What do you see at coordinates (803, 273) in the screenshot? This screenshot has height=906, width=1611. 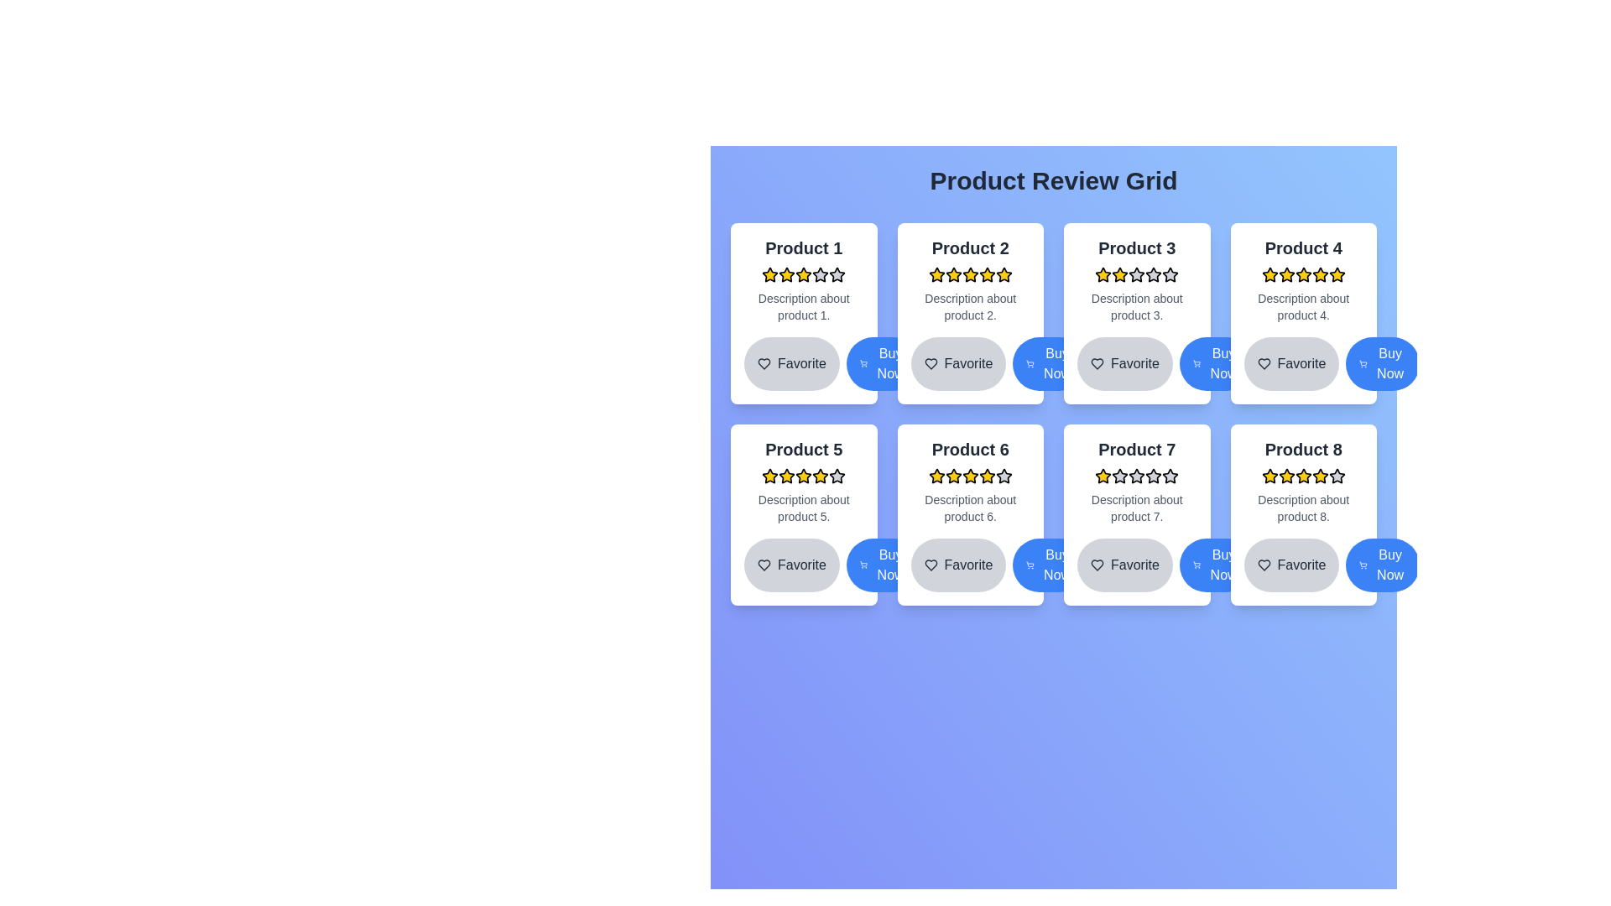 I see `the Rating display for 'Product 1', which visually represents the product's rating out of five stars, located in the upper middle part of the card, below the product name and above the product description` at bounding box center [803, 273].